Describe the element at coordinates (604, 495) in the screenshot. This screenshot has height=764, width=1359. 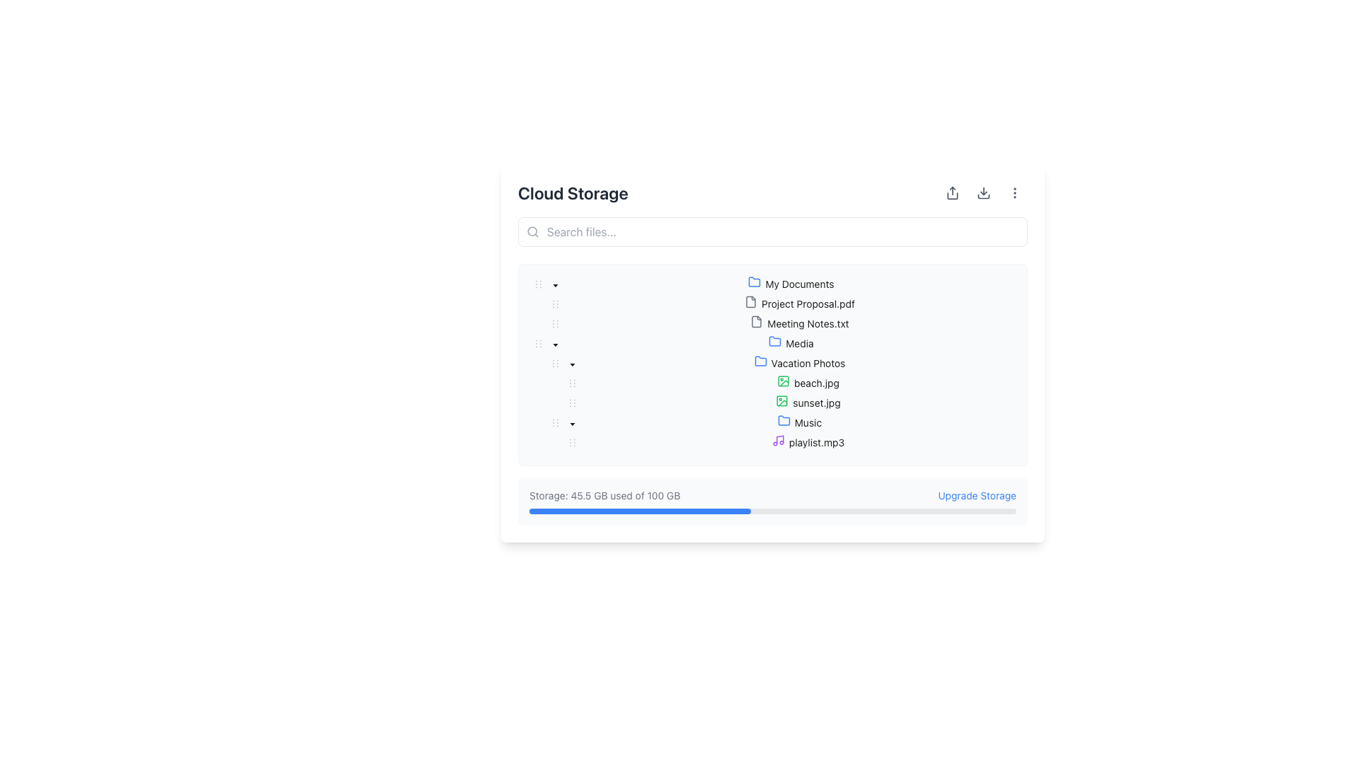
I see `the informational text label indicating current storage usage, located in the bottom-right part of the interface, above the horizontal progress bar and next to the 'Upgrade Storage' text` at that location.